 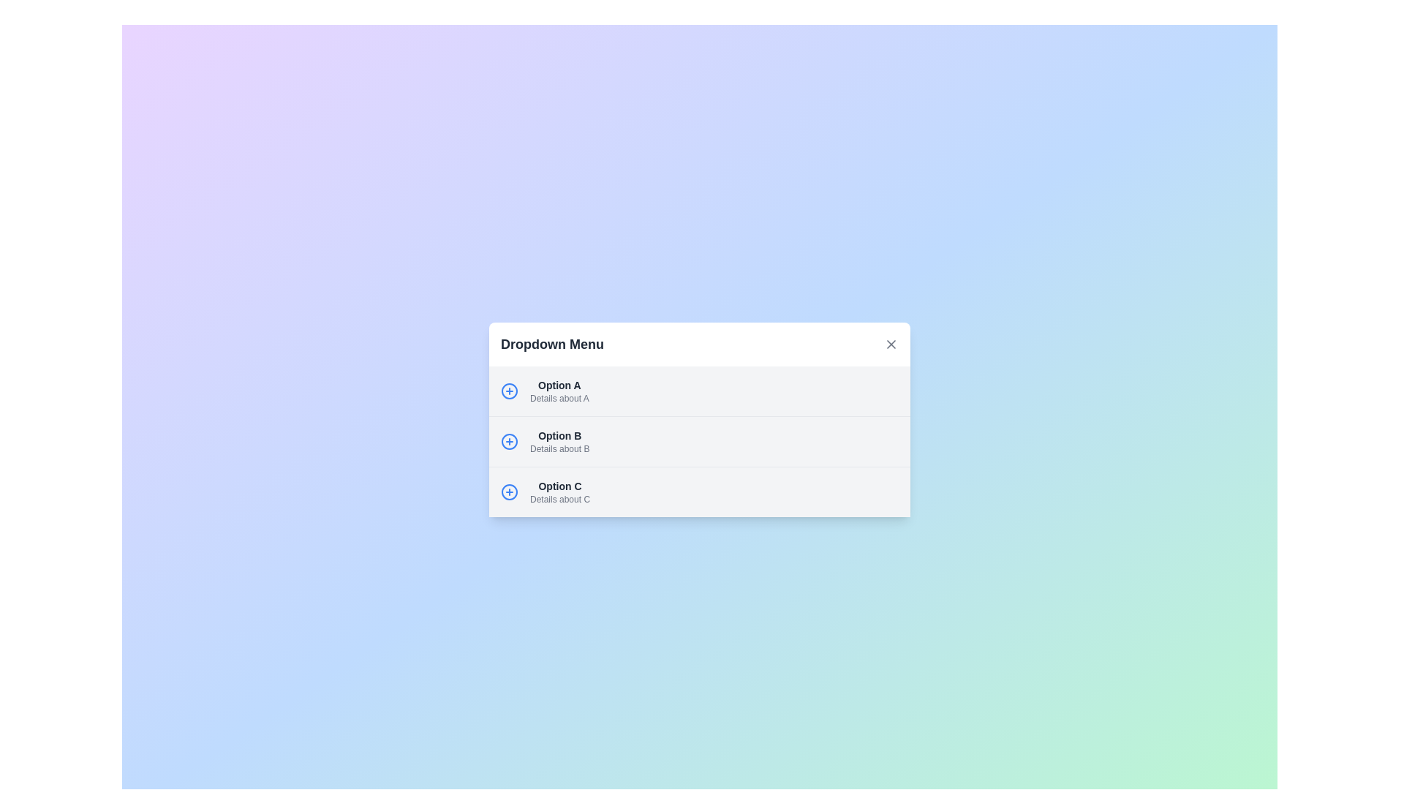 I want to click on the close button (X icon) located at the top-right corner of the 'Dropdown Menu' section, so click(x=891, y=344).